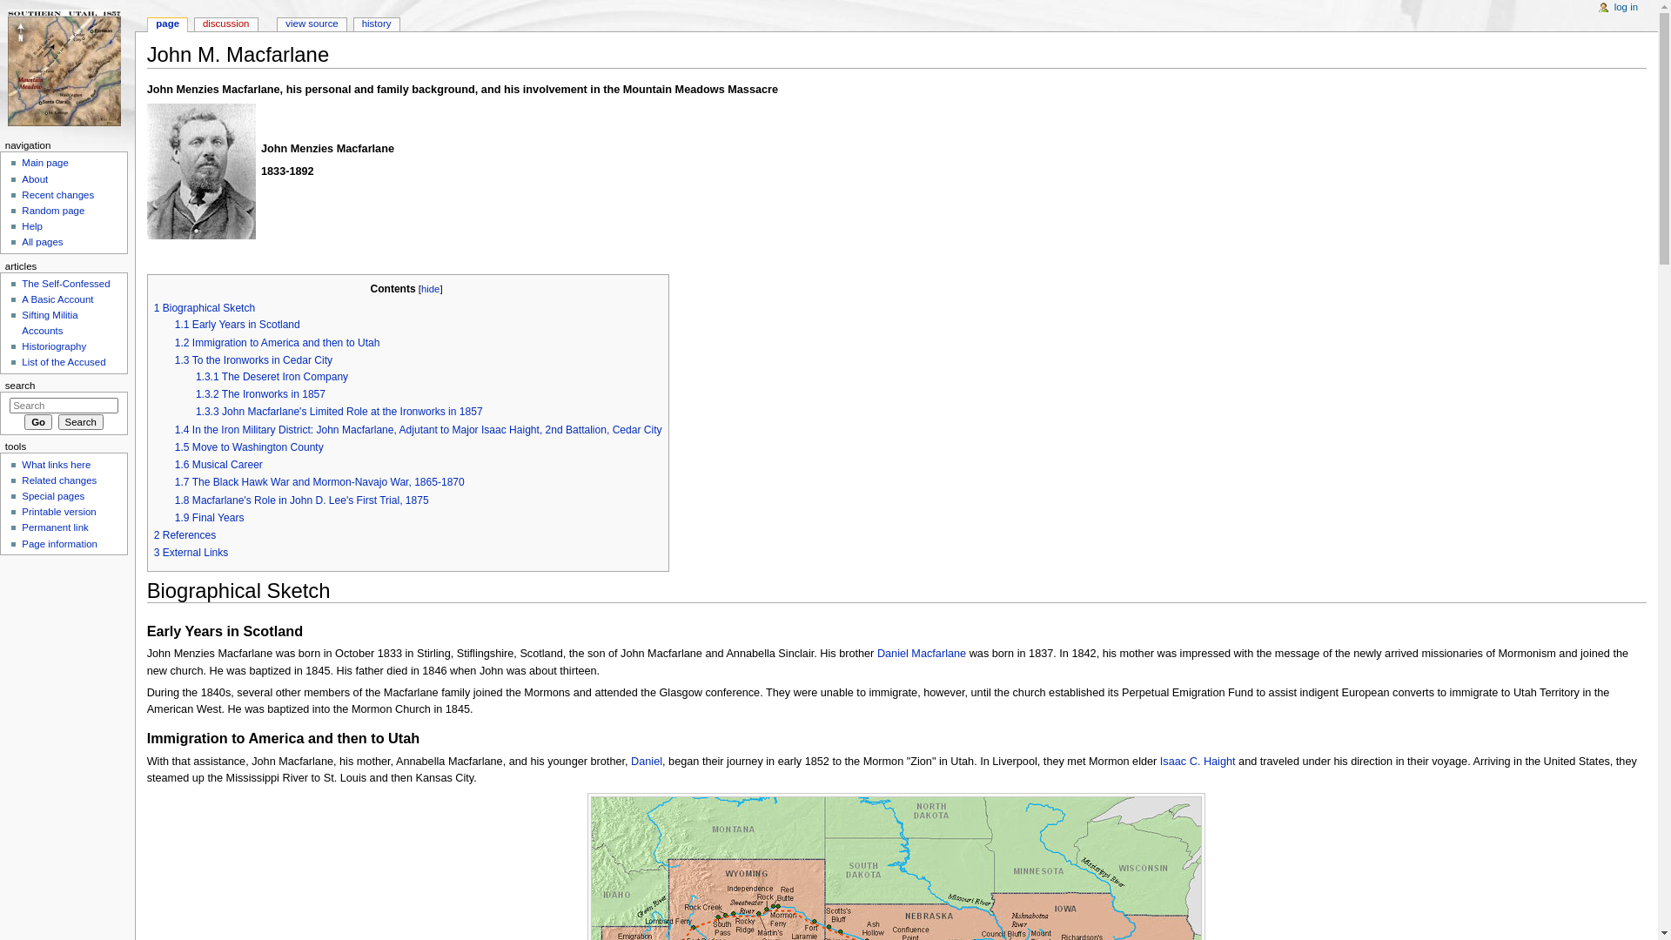 The width and height of the screenshot is (1671, 940). What do you see at coordinates (32, 225) in the screenshot?
I see `'Help'` at bounding box center [32, 225].